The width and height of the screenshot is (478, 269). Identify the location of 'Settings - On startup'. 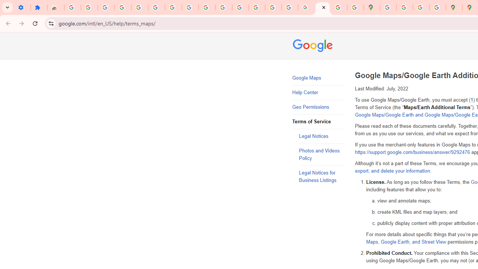
(22, 7).